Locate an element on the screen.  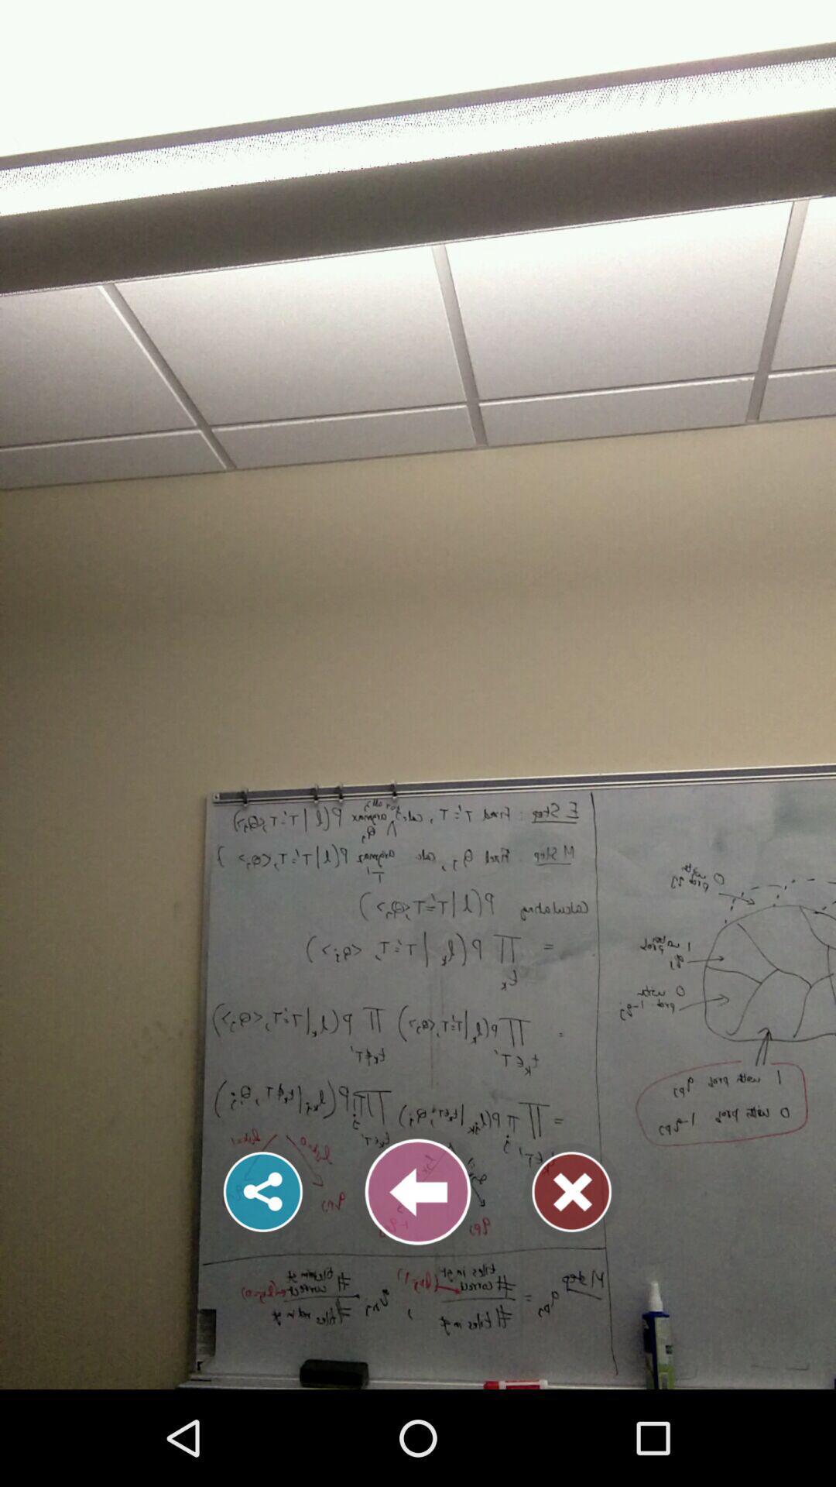
go back is located at coordinates (418, 1191).